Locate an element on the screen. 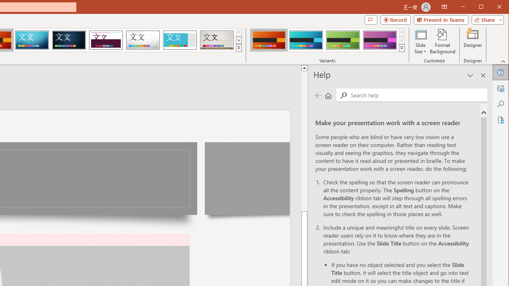  'Dividend' is located at coordinates (105, 40).